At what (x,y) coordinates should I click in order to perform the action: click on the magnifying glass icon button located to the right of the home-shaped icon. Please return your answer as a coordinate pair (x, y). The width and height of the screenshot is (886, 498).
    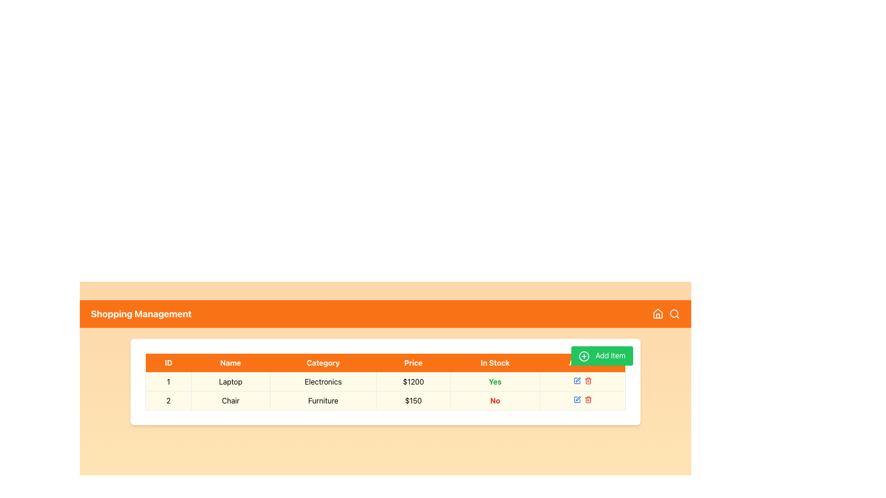
    Looking at the image, I should click on (675, 314).